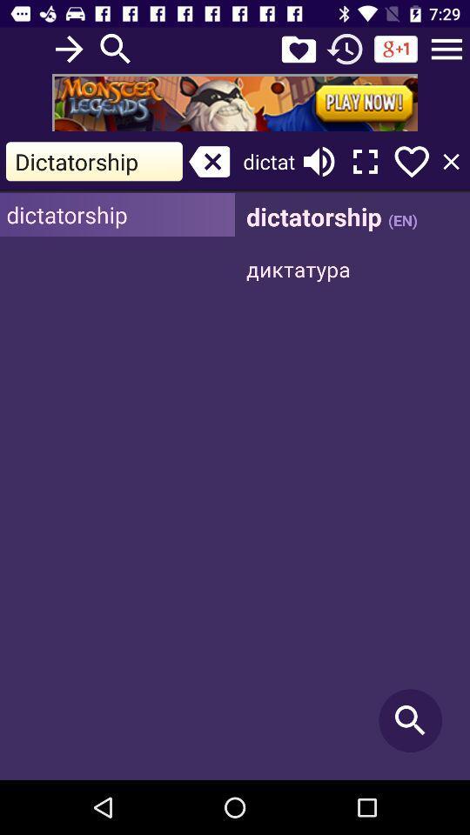 Image resolution: width=470 pixels, height=835 pixels. Describe the element at coordinates (68, 48) in the screenshot. I see `next` at that location.